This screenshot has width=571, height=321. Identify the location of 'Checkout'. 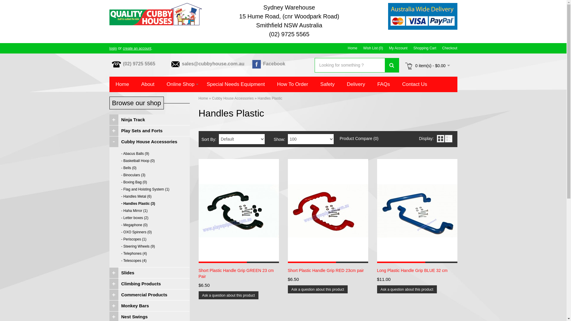
(450, 48).